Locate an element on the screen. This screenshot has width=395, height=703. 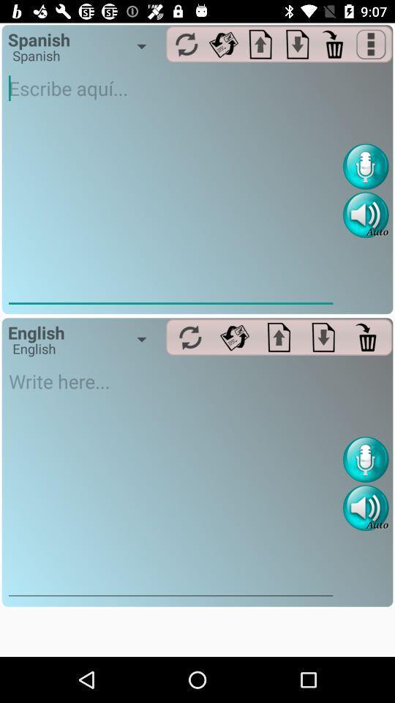
reverse area is located at coordinates (223, 43).